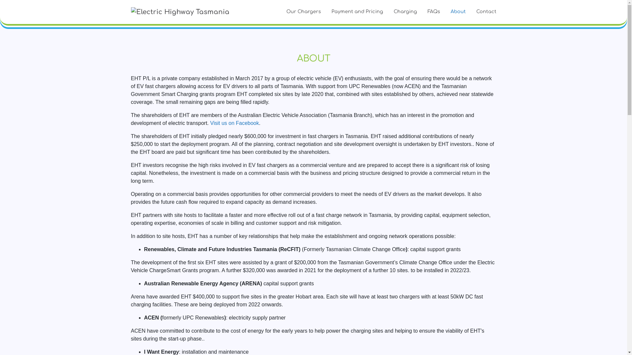 This screenshot has height=355, width=632. Describe the element at coordinates (458, 12) in the screenshot. I see `'About'` at that location.